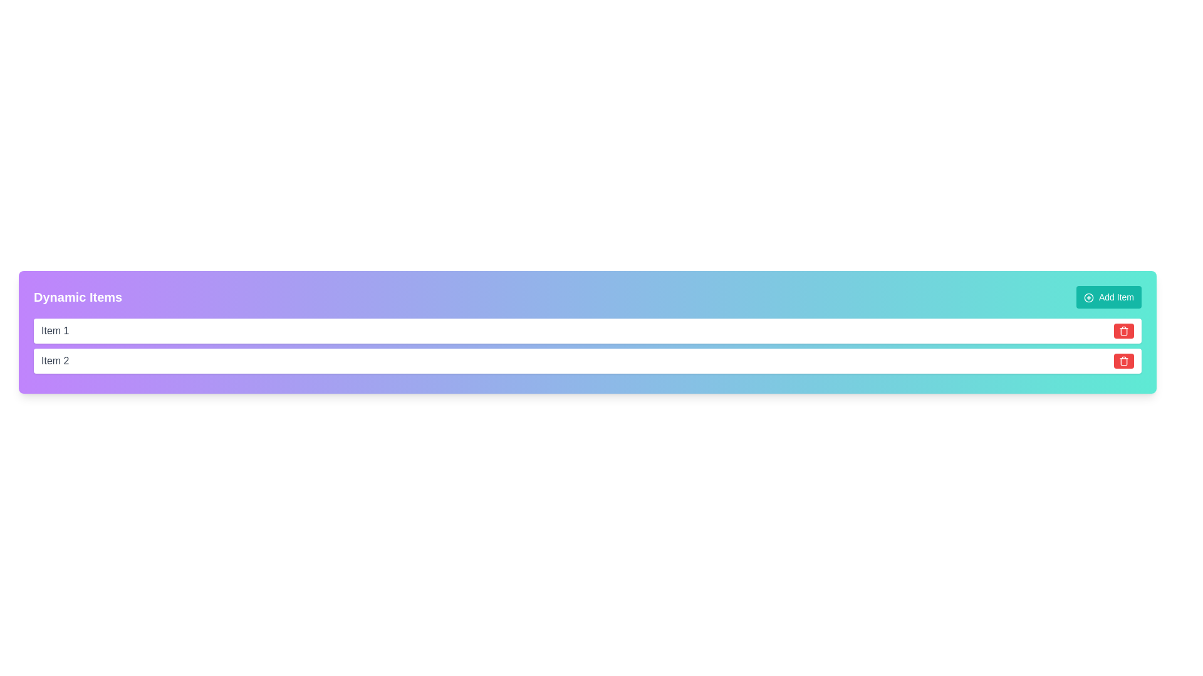  I want to click on the delete button located at the rightmost end of the row labeled 'Item 1', so click(1124, 330).